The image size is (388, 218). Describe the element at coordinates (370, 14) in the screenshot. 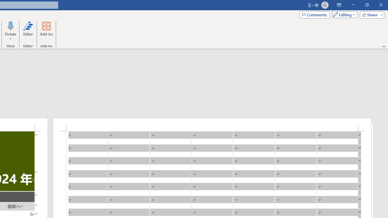

I see `'Share'` at that location.